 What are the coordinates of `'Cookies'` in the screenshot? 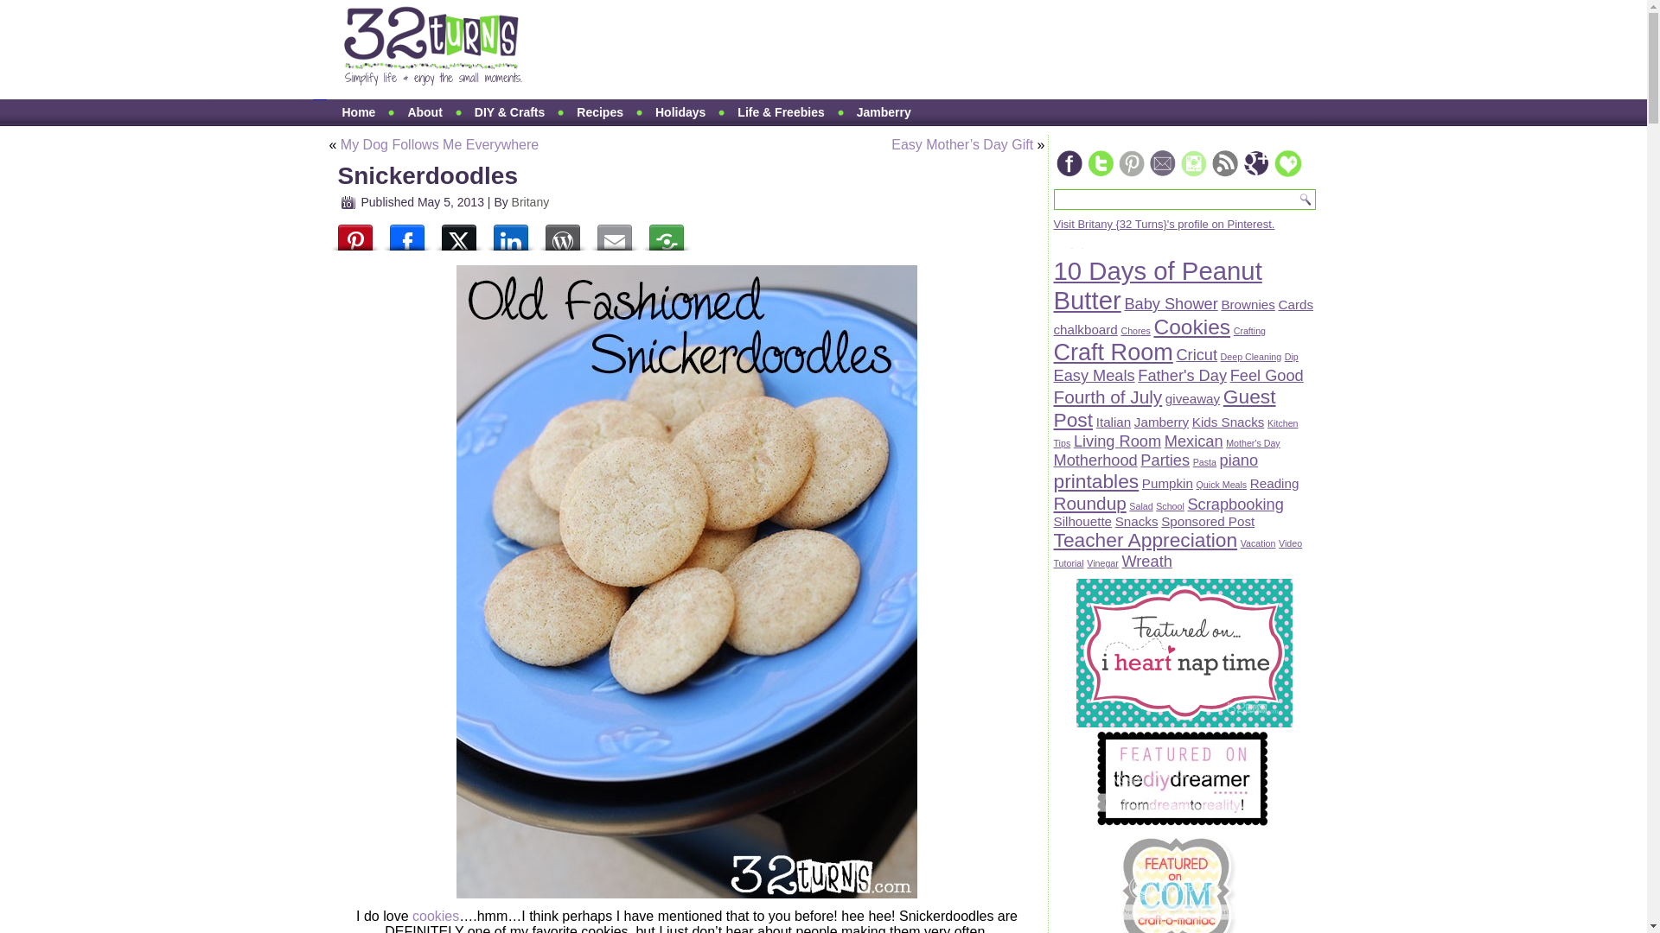 It's located at (1153, 327).